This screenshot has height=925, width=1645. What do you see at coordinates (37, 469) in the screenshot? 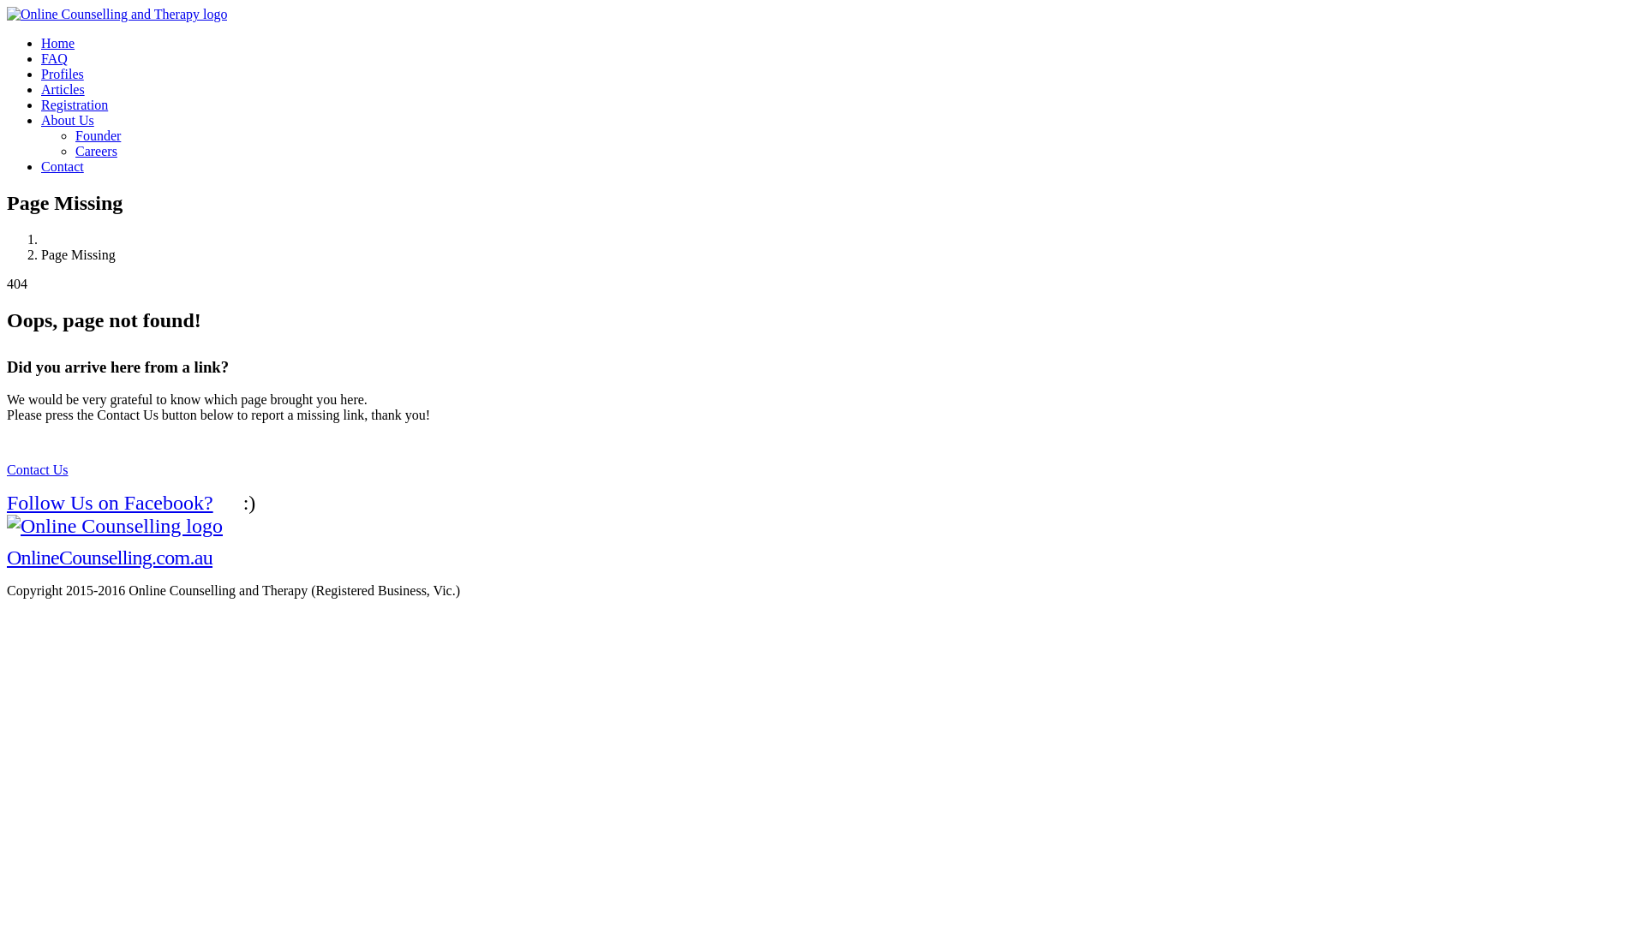
I see `'Contact Us'` at bounding box center [37, 469].